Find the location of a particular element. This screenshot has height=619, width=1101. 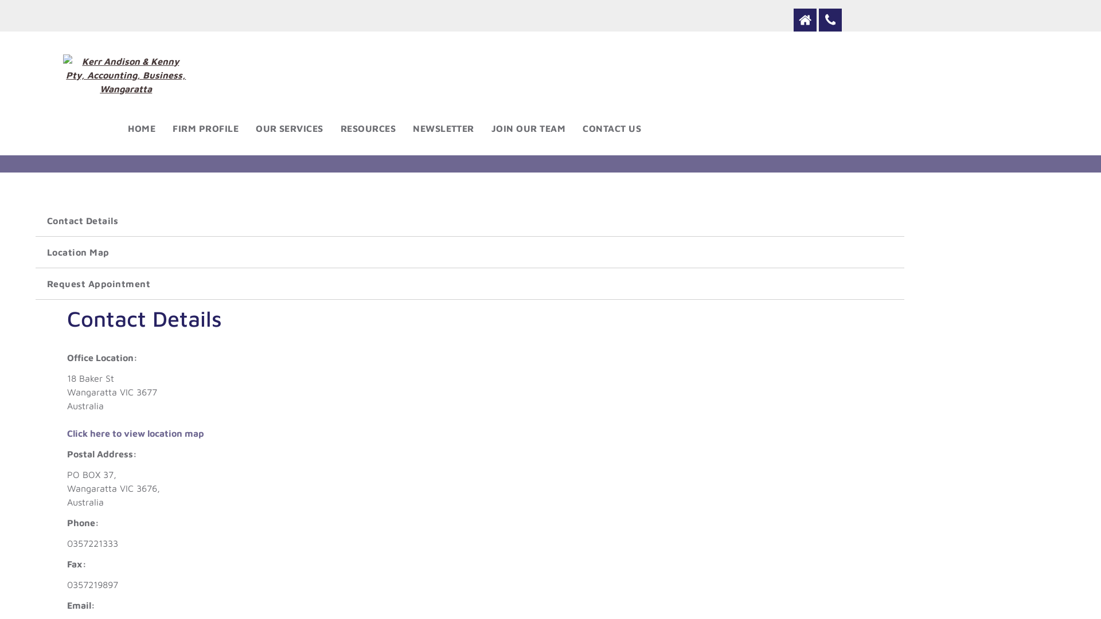

'NEWSLETTER' is located at coordinates (443, 128).